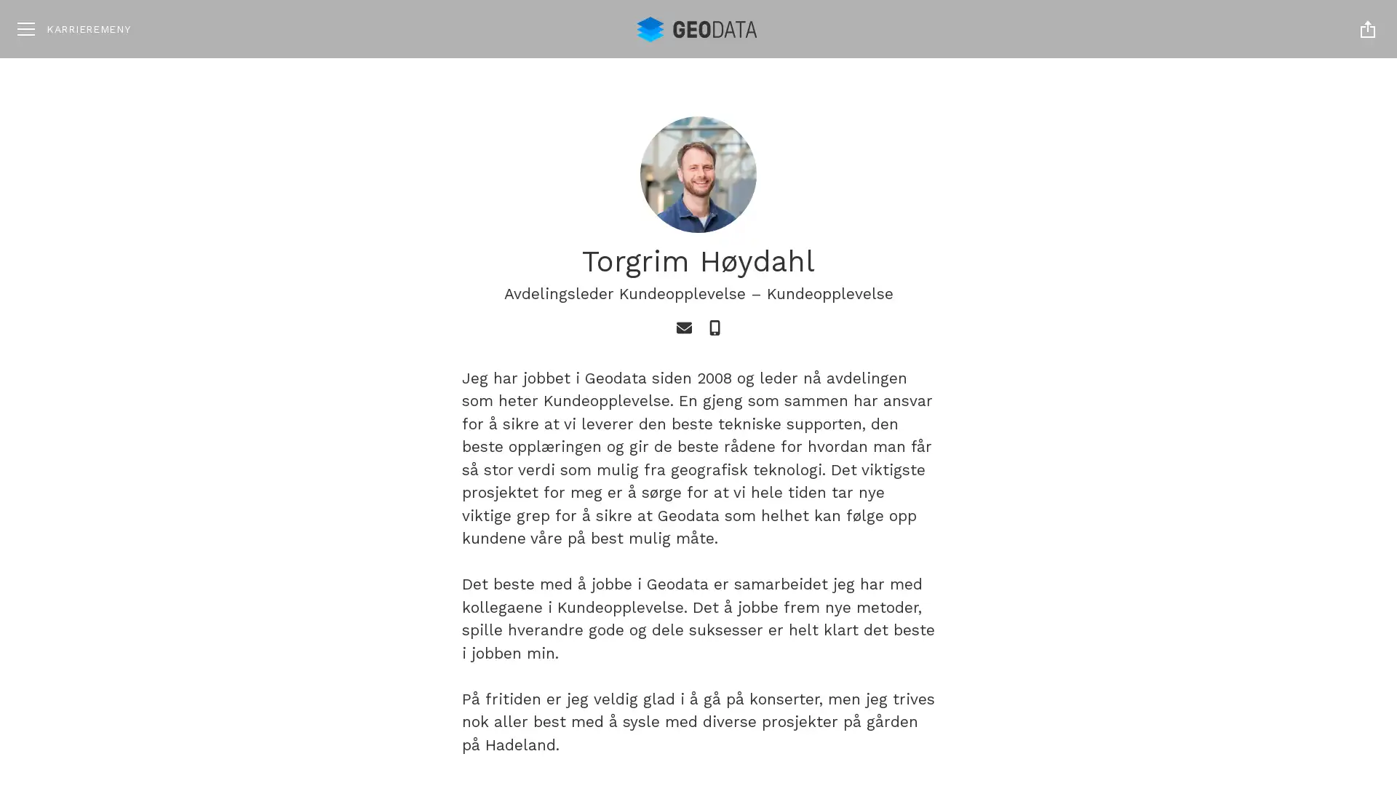 The height and width of the screenshot is (786, 1397). I want to click on Preferanser for informasjonskapsler, so click(1230, 707).